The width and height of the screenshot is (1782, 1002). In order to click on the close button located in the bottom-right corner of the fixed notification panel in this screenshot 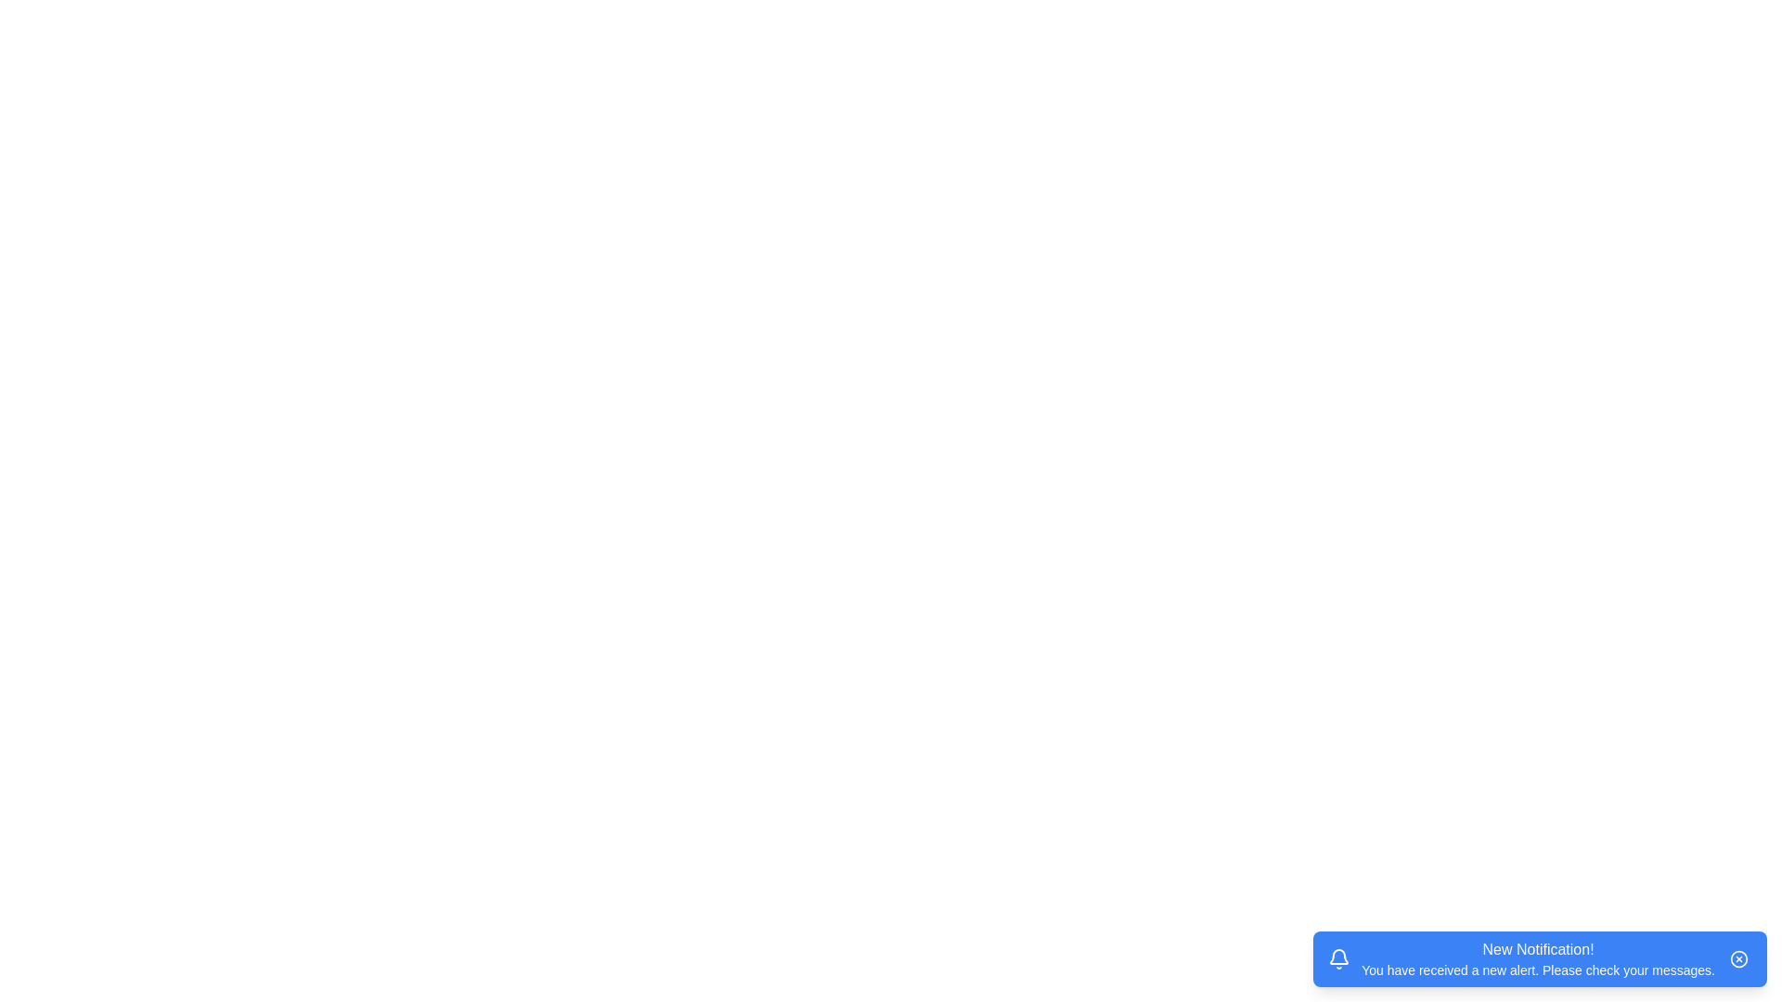, I will do `click(1737, 958)`.